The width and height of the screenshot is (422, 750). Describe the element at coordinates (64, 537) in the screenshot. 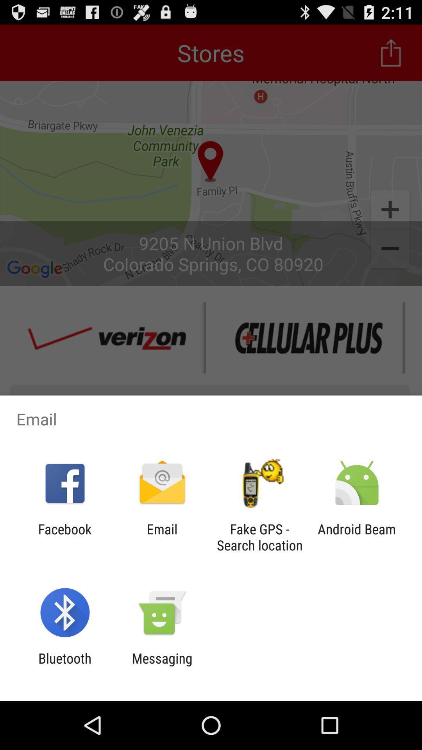

I see `the facebook app` at that location.